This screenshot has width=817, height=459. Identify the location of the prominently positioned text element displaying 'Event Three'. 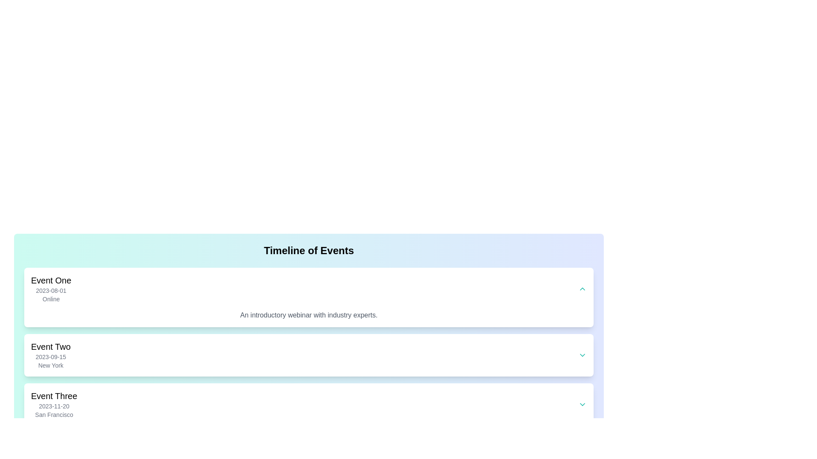
(54, 396).